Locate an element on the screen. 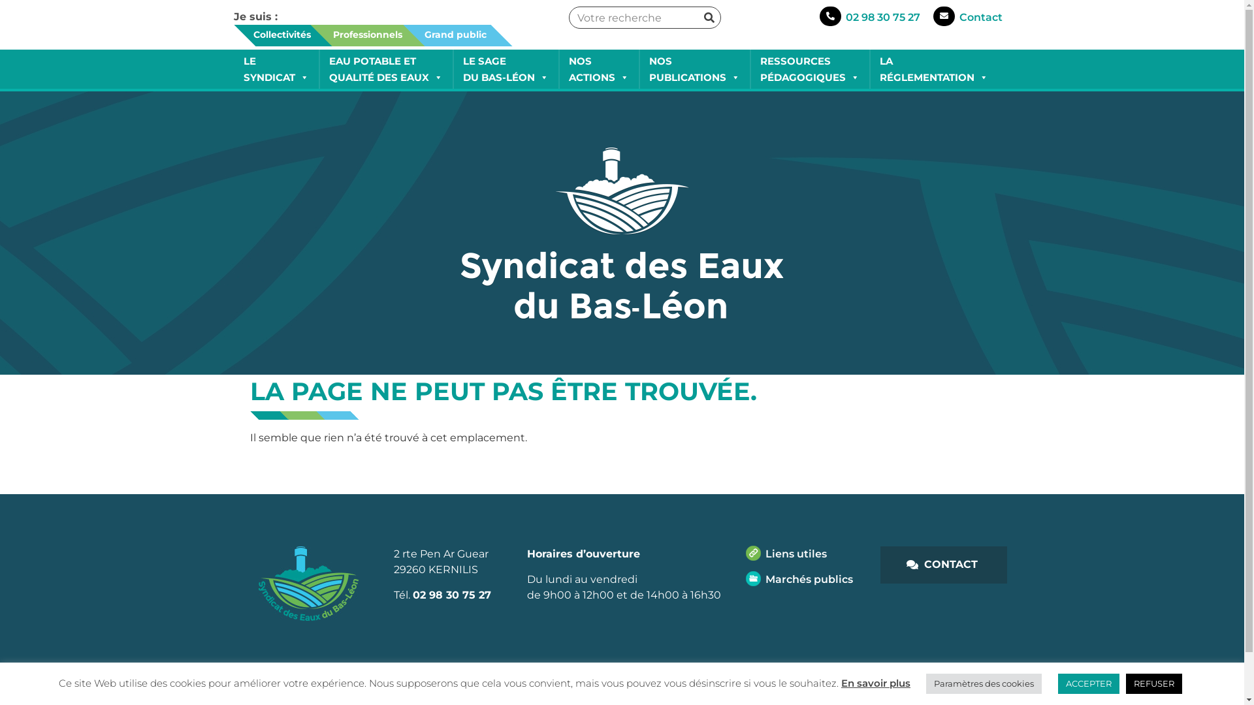 The width and height of the screenshot is (1254, 705). 'ACCEPTER' is located at coordinates (1088, 683).